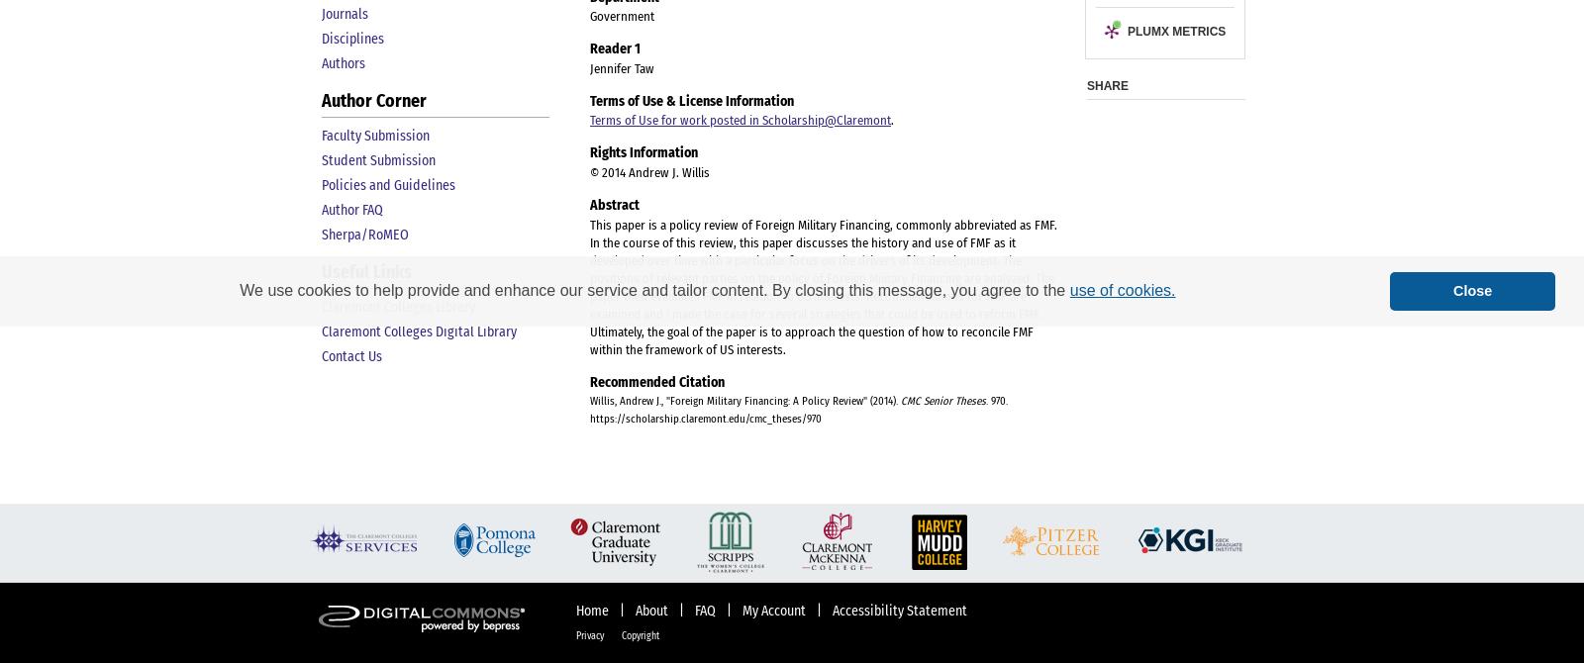 Image resolution: width=1584 pixels, height=663 pixels. I want to click on 'Close', so click(1472, 289).